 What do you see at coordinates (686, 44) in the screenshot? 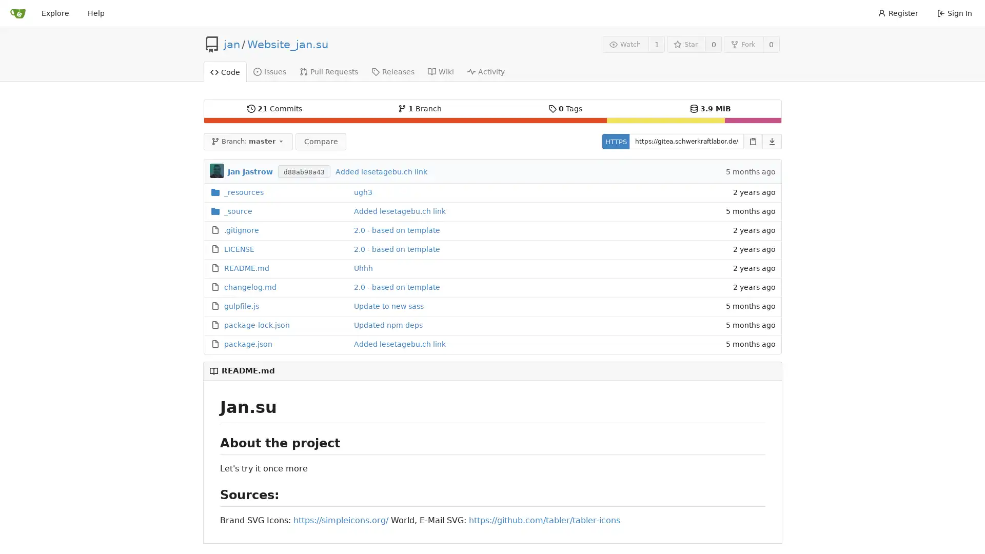
I see `Star` at bounding box center [686, 44].